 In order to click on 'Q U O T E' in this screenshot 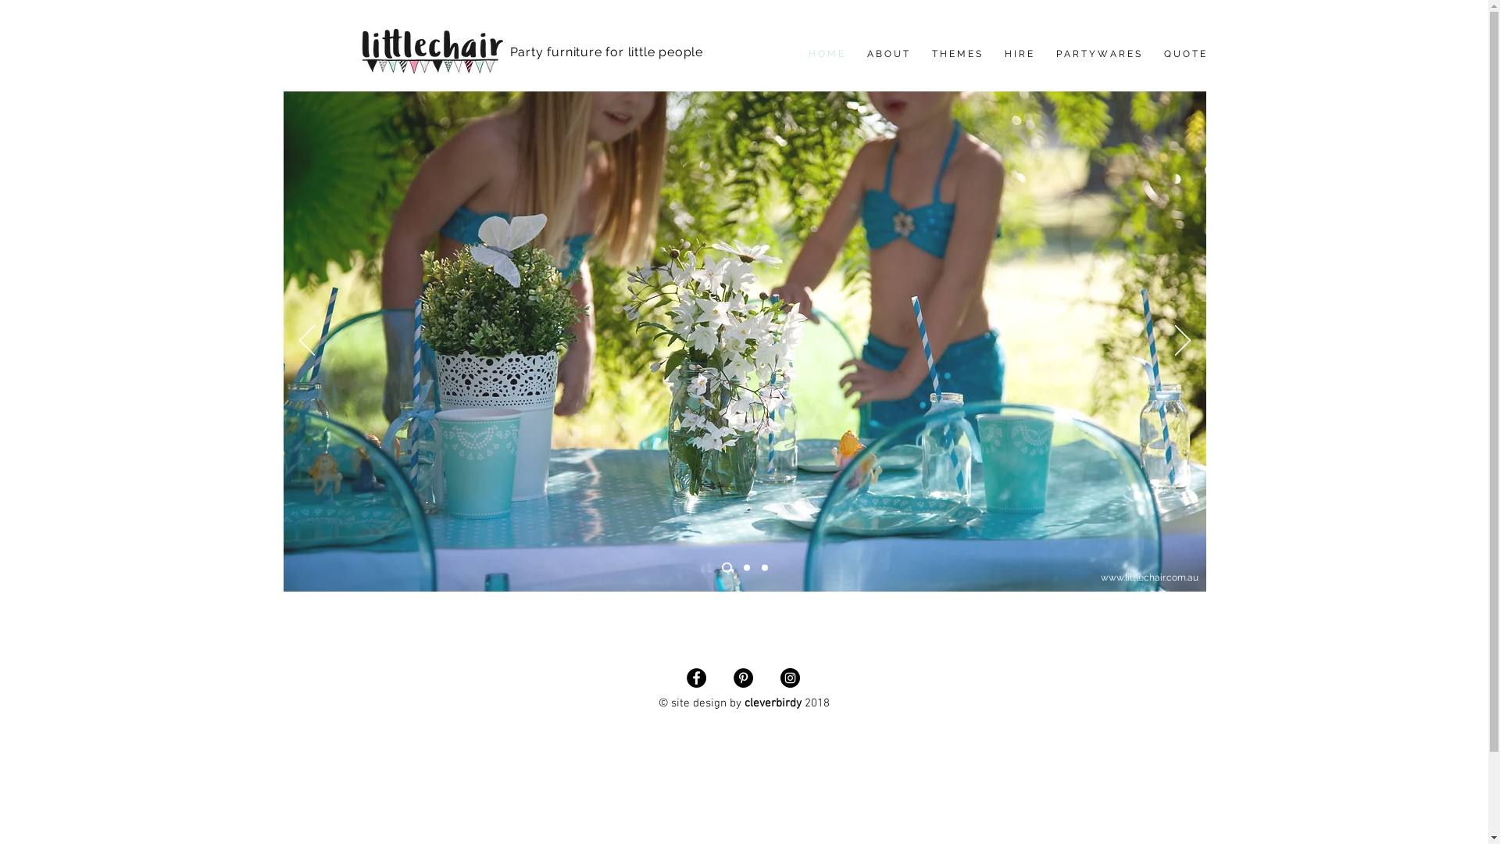, I will do `click(1184, 53)`.